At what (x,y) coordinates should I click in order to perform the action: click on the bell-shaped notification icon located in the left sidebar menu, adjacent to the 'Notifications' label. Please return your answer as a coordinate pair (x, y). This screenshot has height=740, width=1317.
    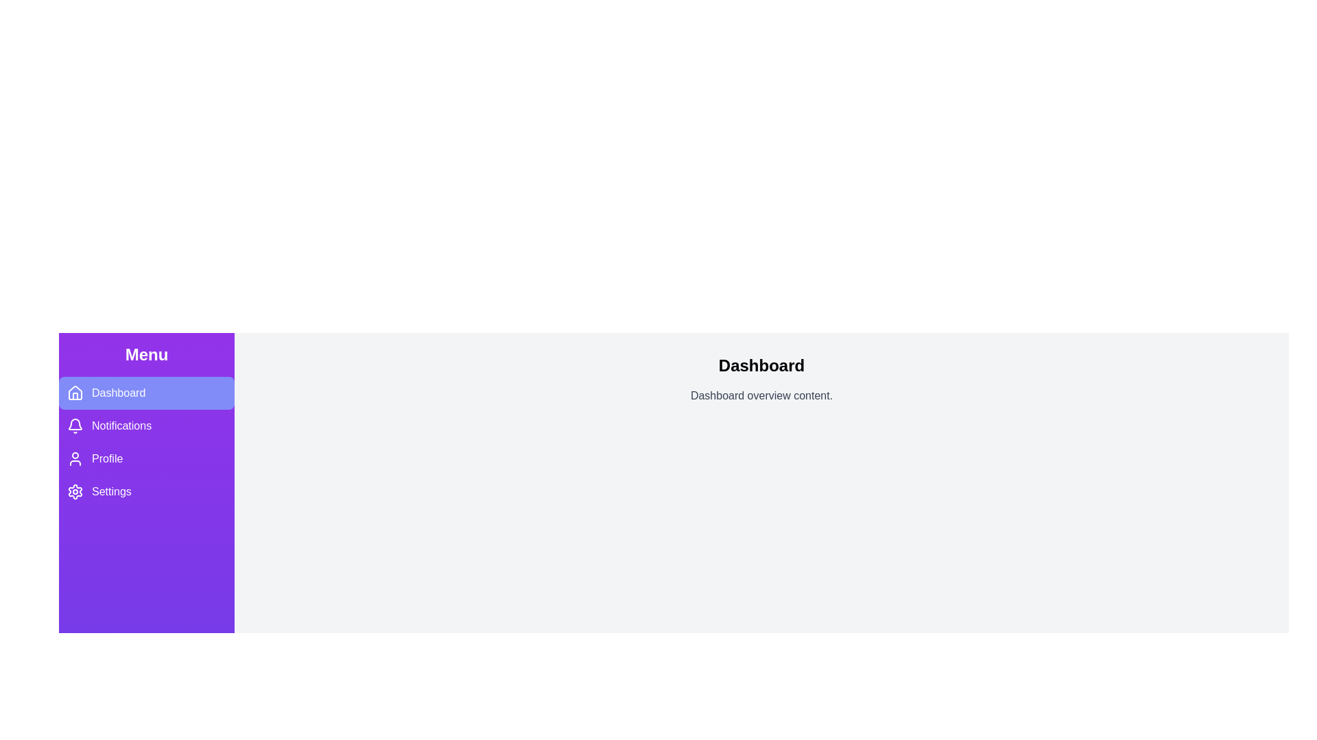
    Looking at the image, I should click on (75, 423).